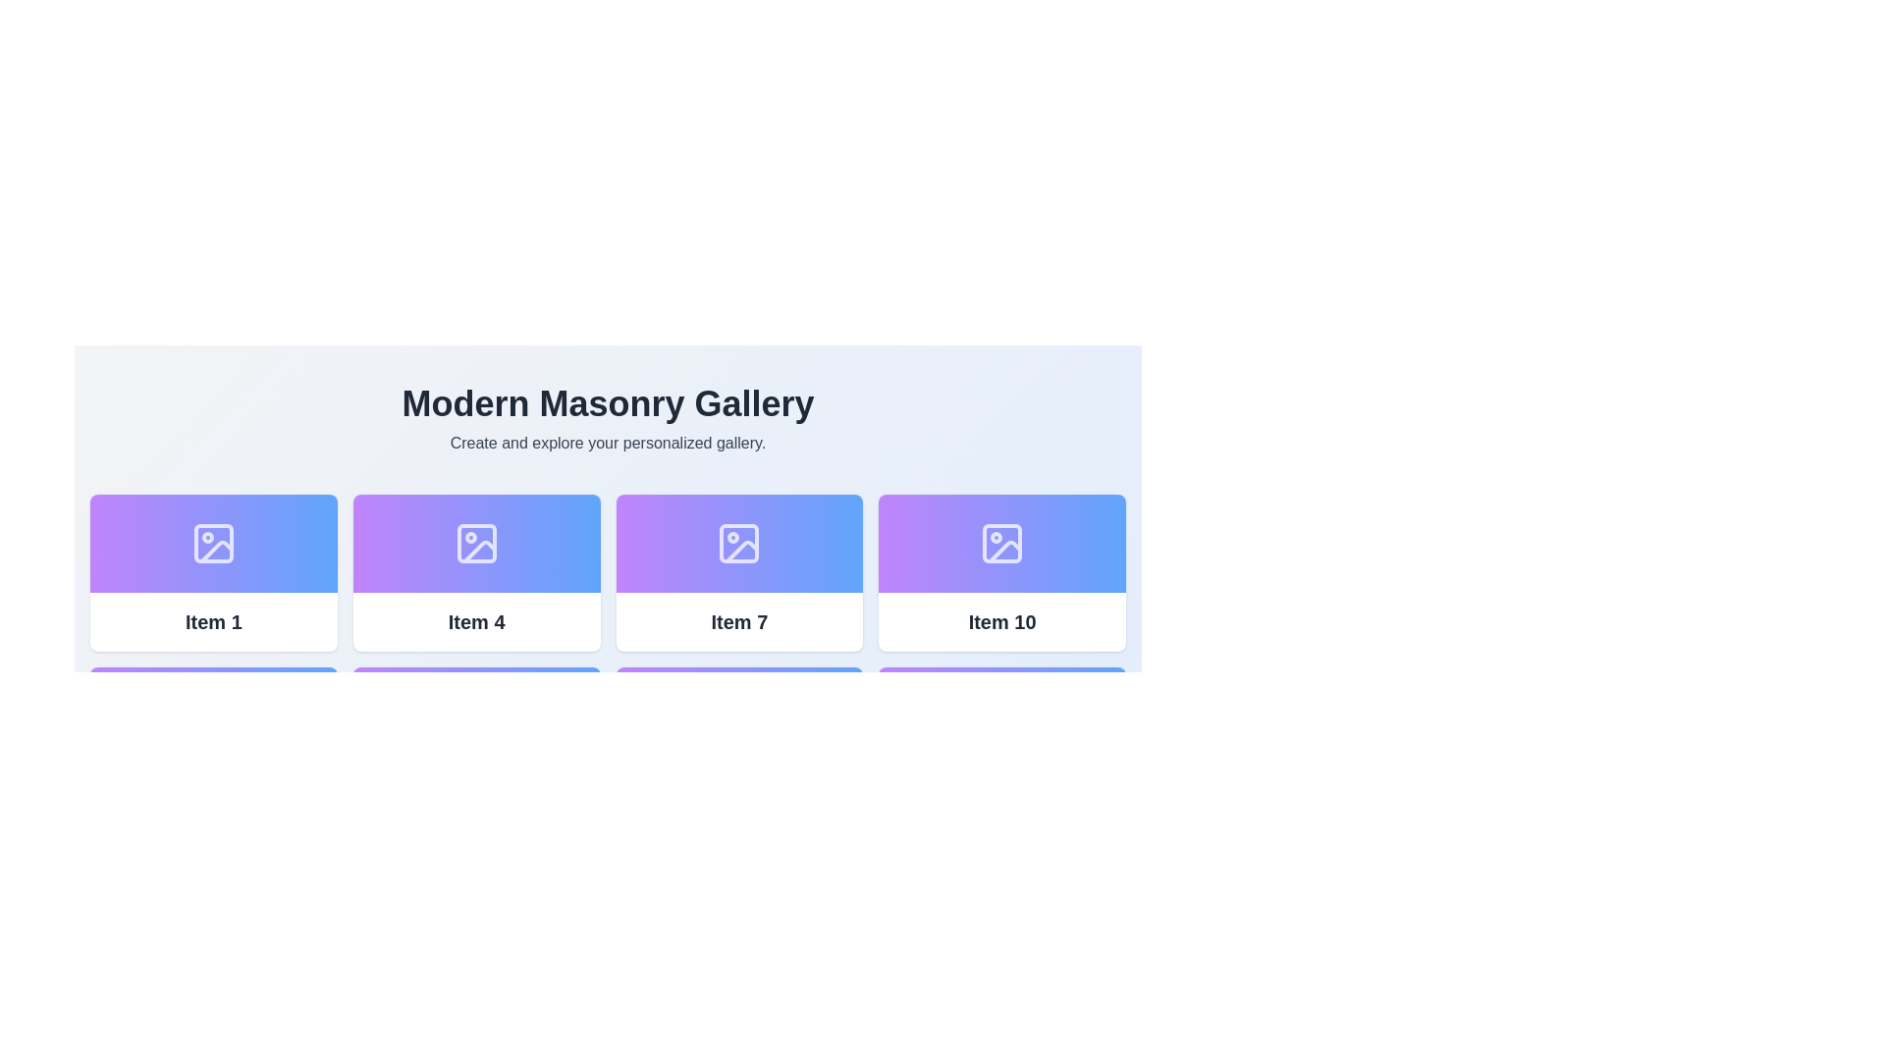 This screenshot has height=1060, width=1885. What do you see at coordinates (213, 572) in the screenshot?
I see `the first card in the grid layout, which has a gradient background from purple to blue and contains the label 'Item 1' in bold text at the bottom` at bounding box center [213, 572].